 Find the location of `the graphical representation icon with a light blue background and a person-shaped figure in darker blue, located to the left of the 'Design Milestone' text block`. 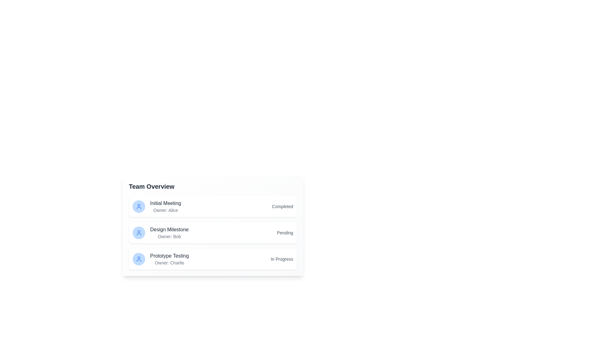

the graphical representation icon with a light blue background and a person-shaped figure in darker blue, located to the left of the 'Design Milestone' text block is located at coordinates (138, 233).